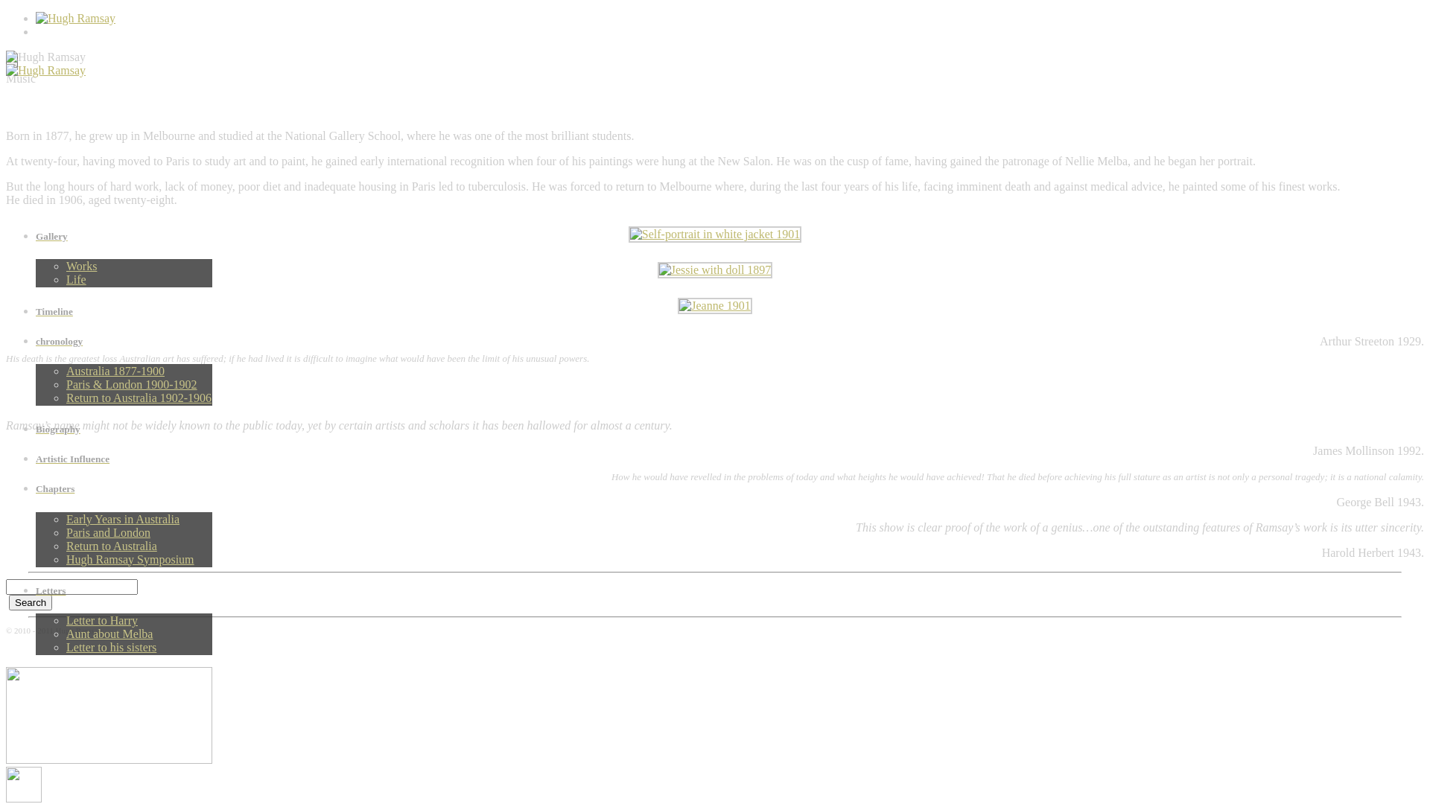 The height and width of the screenshot is (804, 1430). I want to click on 'Aunt about Melba', so click(109, 634).